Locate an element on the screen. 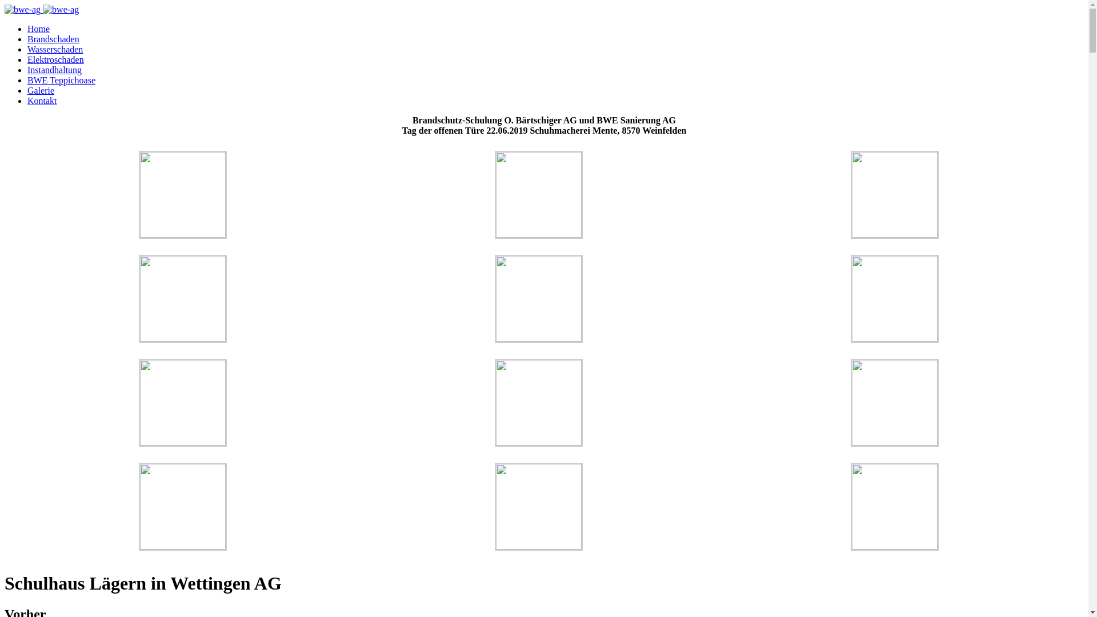 This screenshot has height=617, width=1097. 'Instandhaltung' is located at coordinates (54, 70).